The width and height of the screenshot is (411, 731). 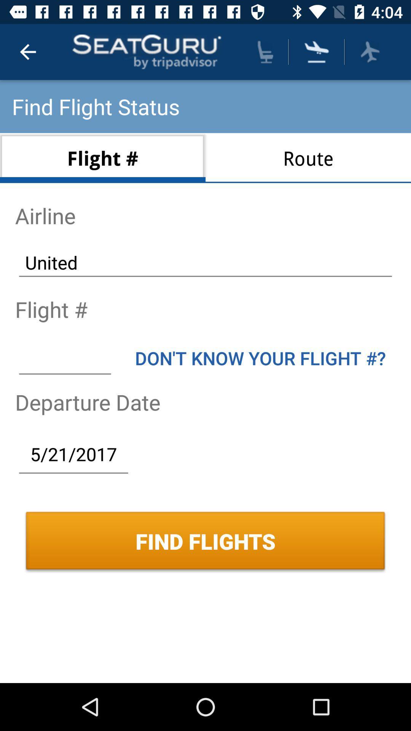 I want to click on find flights icon, so click(x=205, y=541).